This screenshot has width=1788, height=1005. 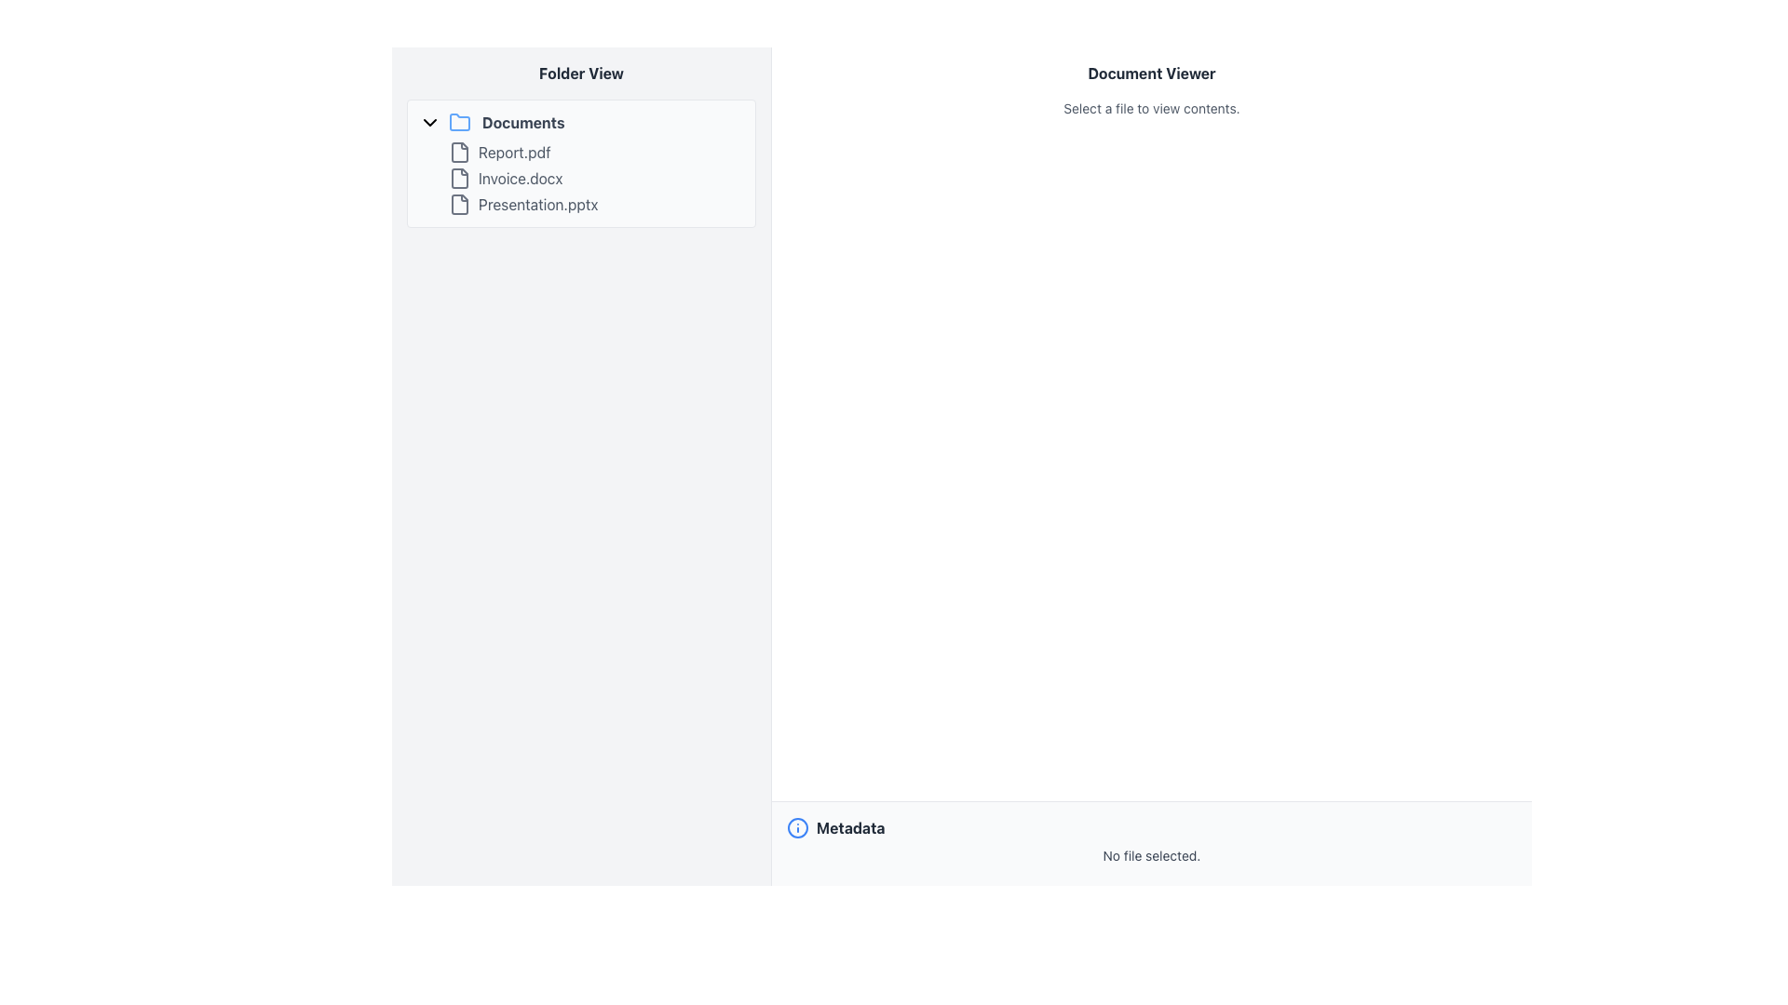 What do you see at coordinates (1151, 108) in the screenshot?
I see `the Text Label that instructs users to select a file in the Document Viewer section, located below its title and near the top of the white content area` at bounding box center [1151, 108].